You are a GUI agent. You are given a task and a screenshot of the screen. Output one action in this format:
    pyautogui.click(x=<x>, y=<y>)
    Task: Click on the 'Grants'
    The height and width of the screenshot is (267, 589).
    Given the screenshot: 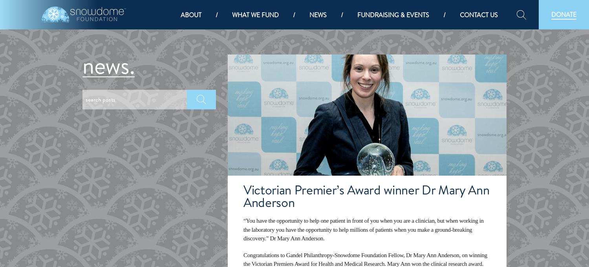 What is the action you would take?
    pyautogui.click(x=245, y=159)
    